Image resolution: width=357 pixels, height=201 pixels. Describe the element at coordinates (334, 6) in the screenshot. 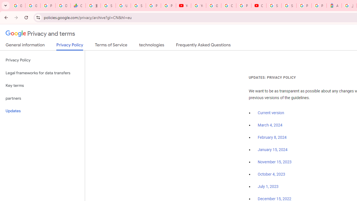

I see `'Atour Hotel - Google hotels'` at that location.